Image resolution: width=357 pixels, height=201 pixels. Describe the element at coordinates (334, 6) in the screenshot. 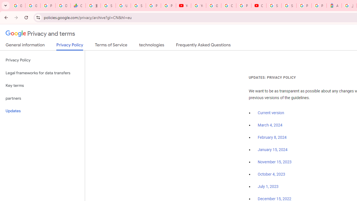

I see `'Atour Hotel - Google hotels'` at that location.